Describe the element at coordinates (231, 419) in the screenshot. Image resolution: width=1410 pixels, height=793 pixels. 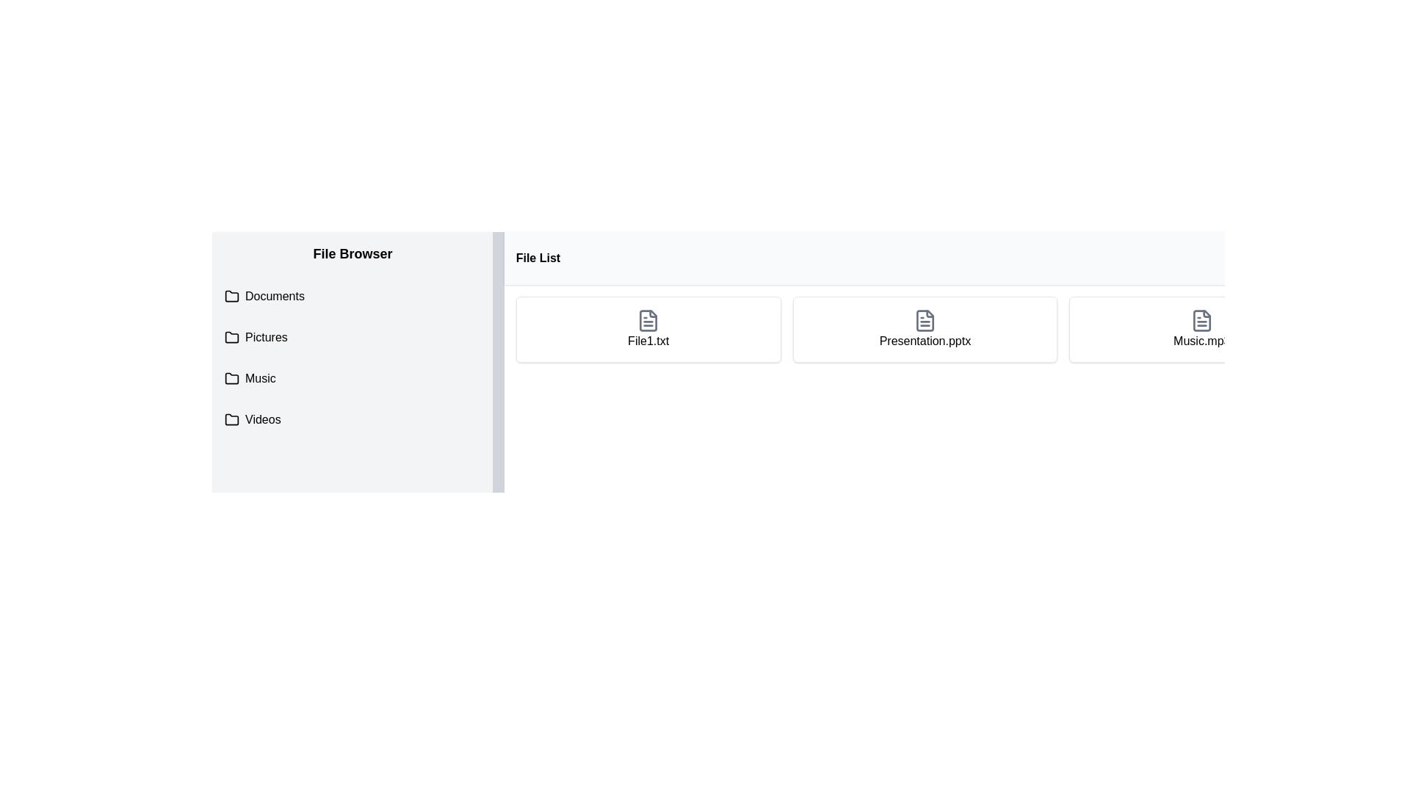
I see `the folder icon located next to the 'Videos' text in the file browser sidebar` at that location.